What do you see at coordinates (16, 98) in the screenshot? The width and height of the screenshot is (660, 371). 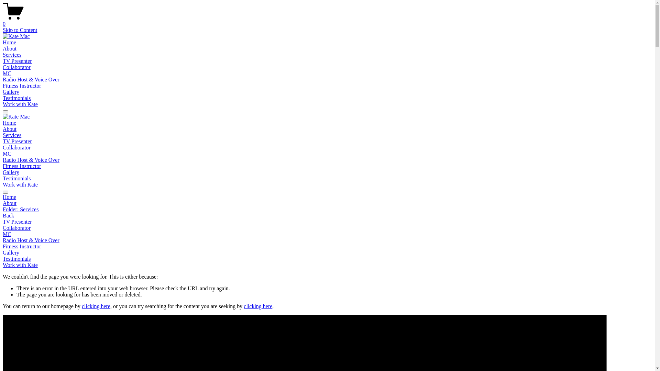 I see `'Testimonials'` at bounding box center [16, 98].